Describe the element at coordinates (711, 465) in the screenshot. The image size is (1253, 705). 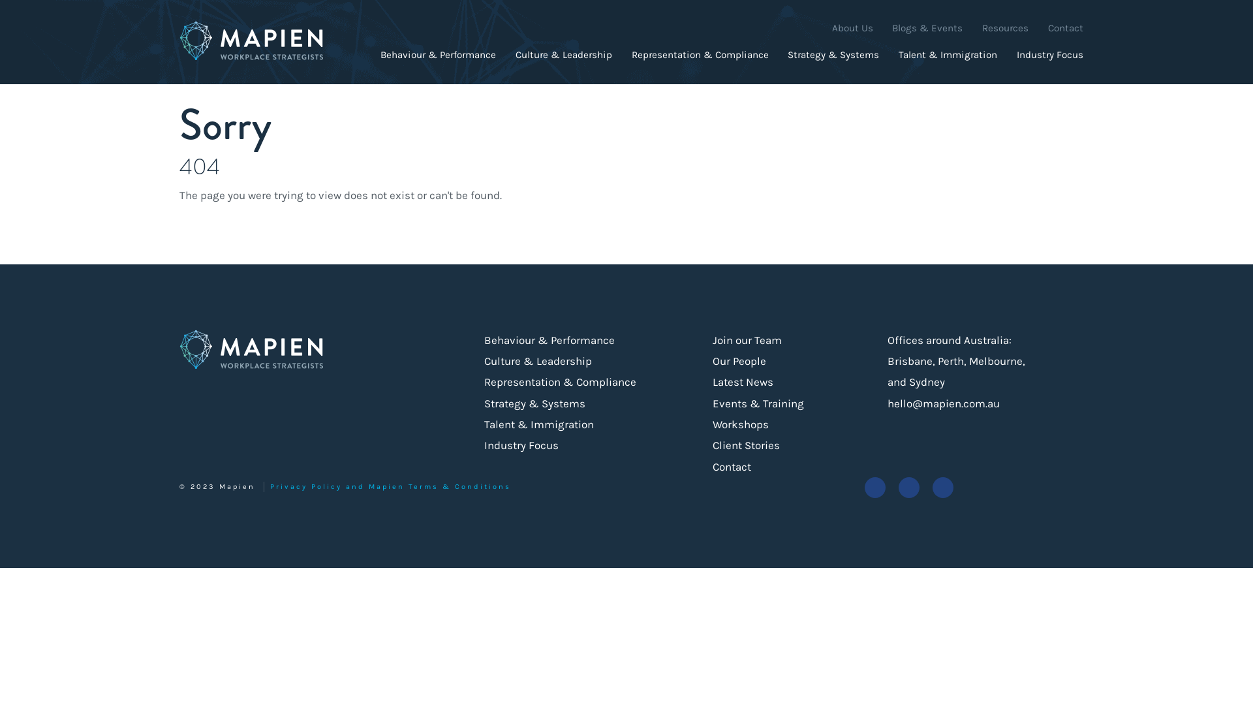
I see `'Contact'` at that location.